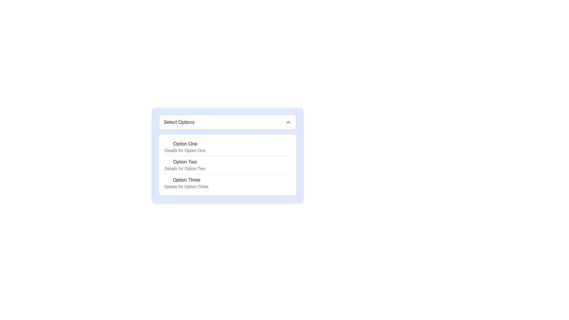 The image size is (569, 320). I want to click on the text element reading 'Details for Option Three', which is styled with a smaller font size and gray color, located within the dropdown menu under 'Select Options', so click(186, 186).